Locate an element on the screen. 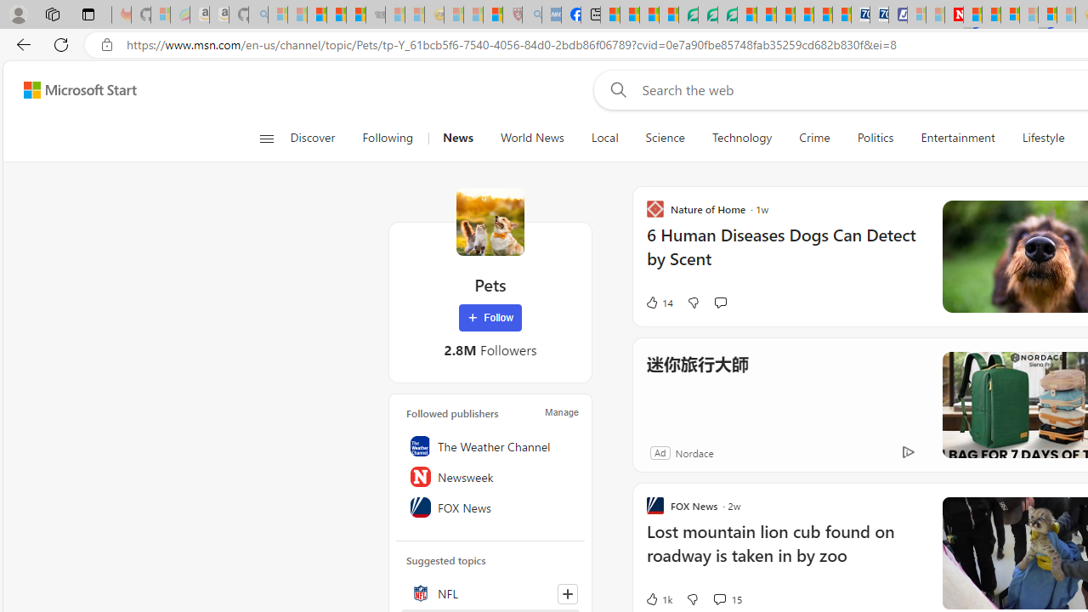  'The Weather Channel - MSN' is located at coordinates (317, 14).